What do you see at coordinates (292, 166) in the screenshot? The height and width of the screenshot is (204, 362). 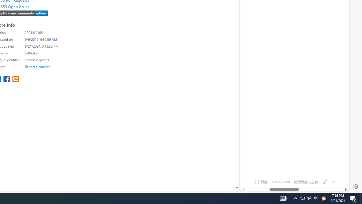 I see `'OFTV'` at bounding box center [292, 166].